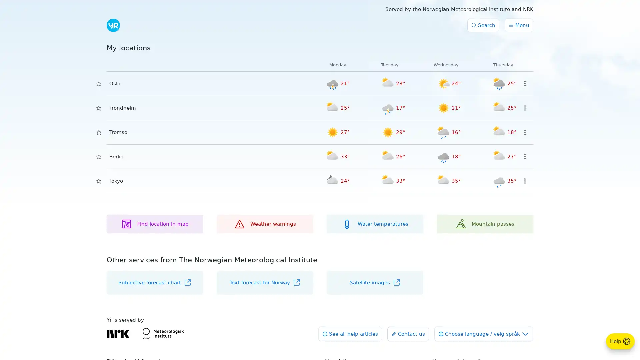 The image size is (640, 360). Describe the element at coordinates (620, 341) in the screenshot. I see `Help` at that location.